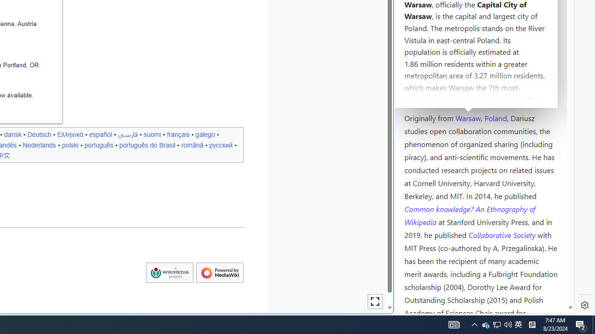 The height and width of the screenshot is (334, 595). What do you see at coordinates (169, 272) in the screenshot?
I see `'Wikimedia Foundation'` at bounding box center [169, 272].